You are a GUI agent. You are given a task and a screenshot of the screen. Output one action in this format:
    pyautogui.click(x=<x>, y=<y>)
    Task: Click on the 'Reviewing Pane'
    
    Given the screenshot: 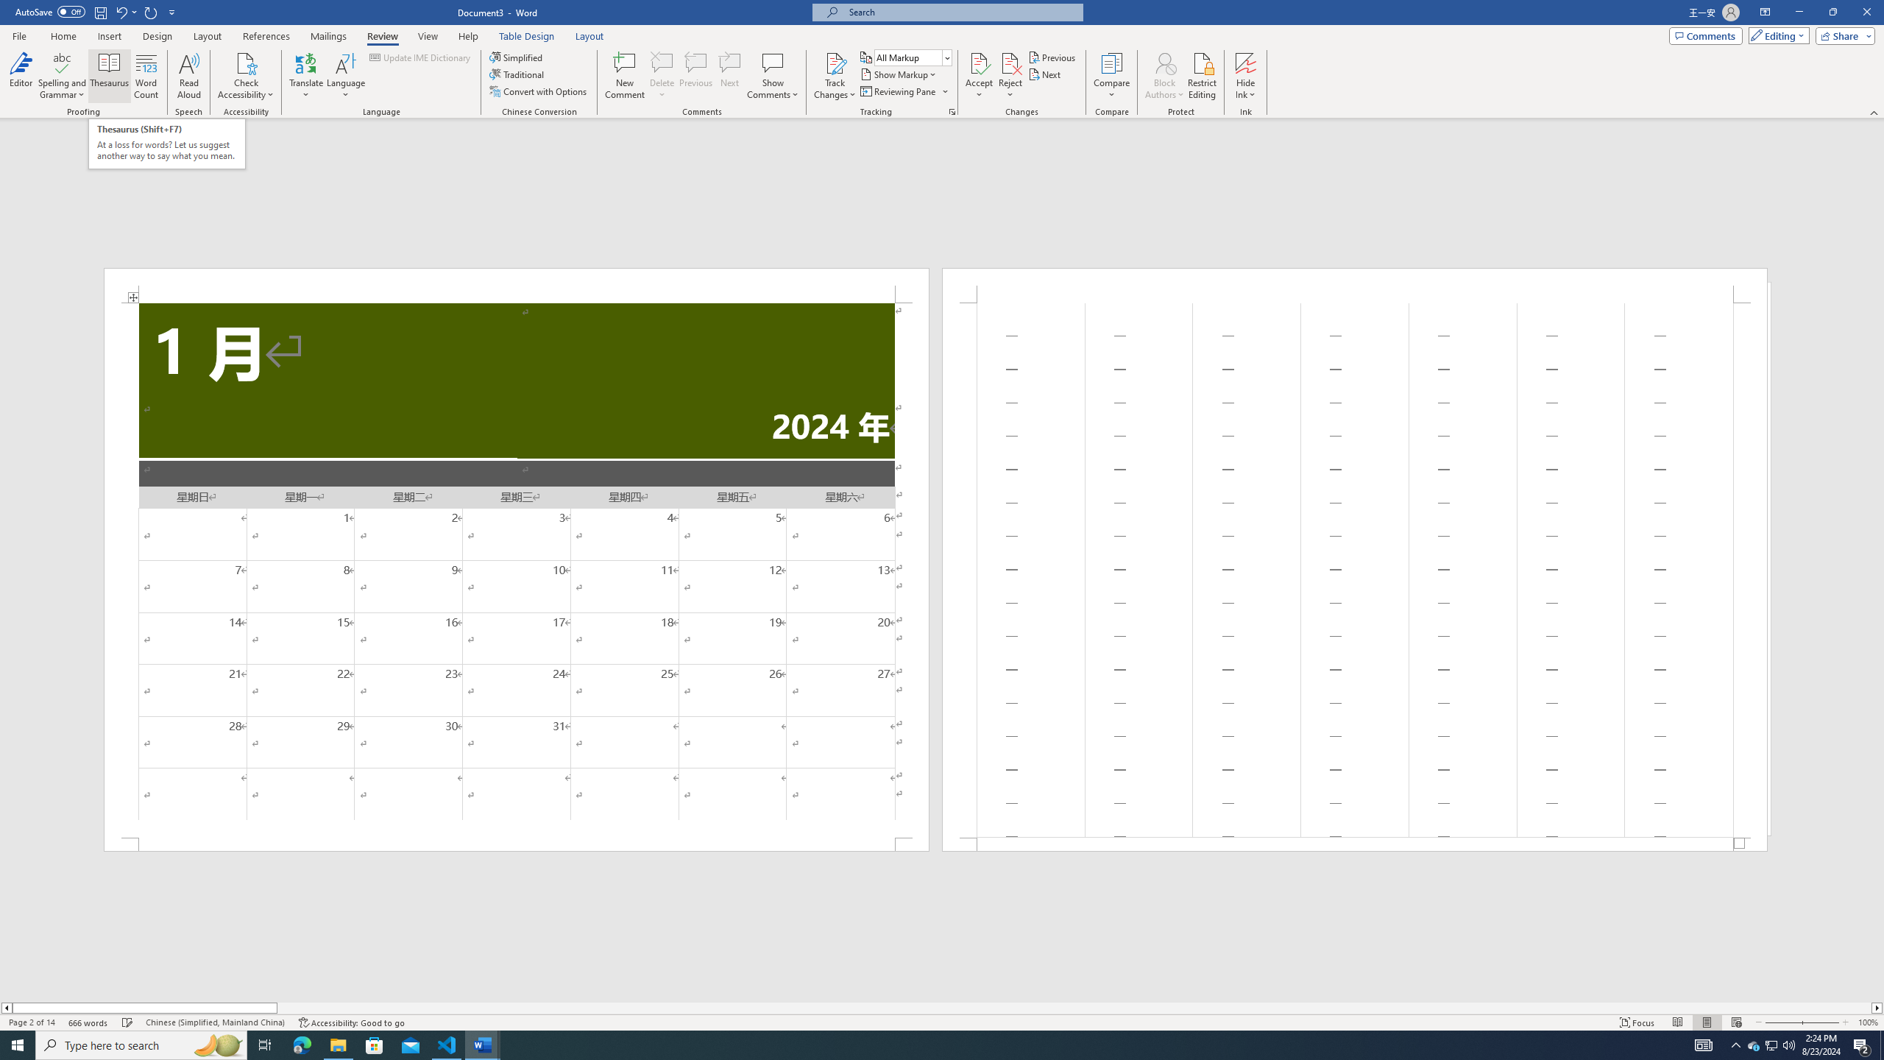 What is the action you would take?
    pyautogui.click(x=903, y=90)
    